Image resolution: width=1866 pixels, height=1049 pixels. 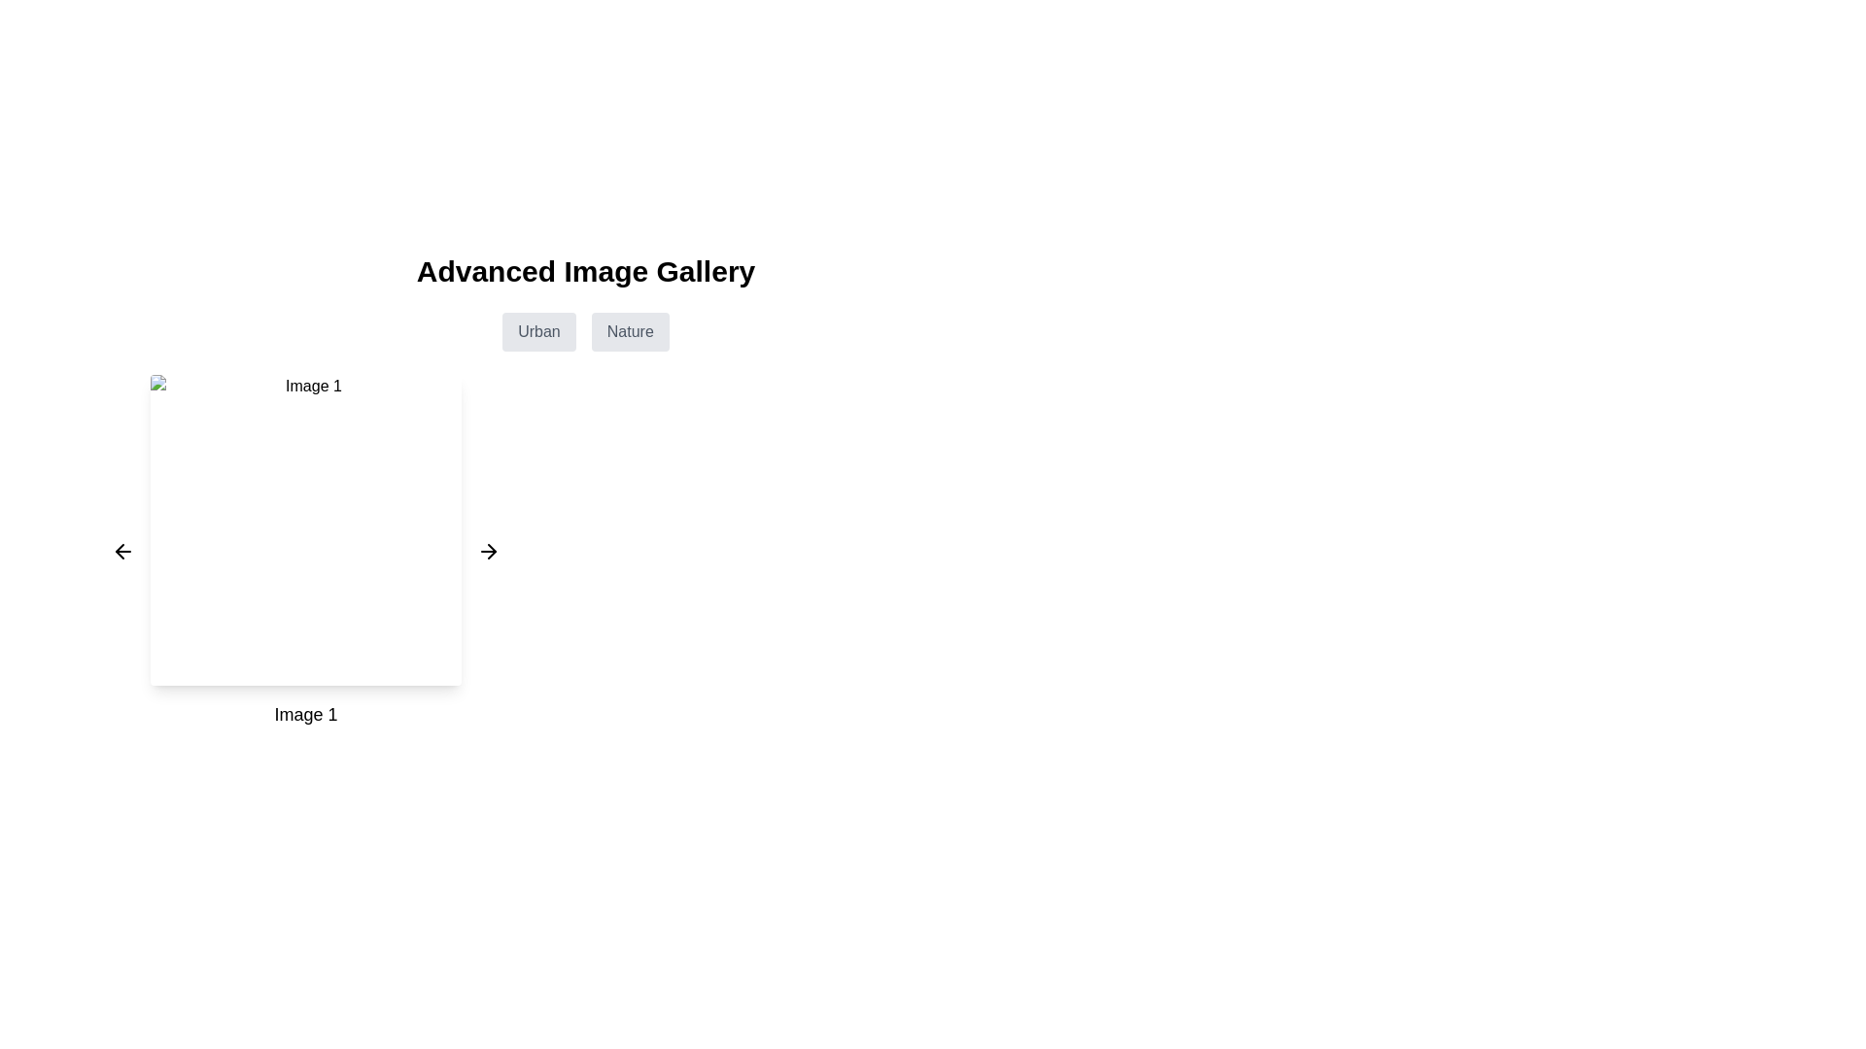 I want to click on the label element that serves as a caption for the image above it, located directly below 'Image 1', so click(x=305, y=715).